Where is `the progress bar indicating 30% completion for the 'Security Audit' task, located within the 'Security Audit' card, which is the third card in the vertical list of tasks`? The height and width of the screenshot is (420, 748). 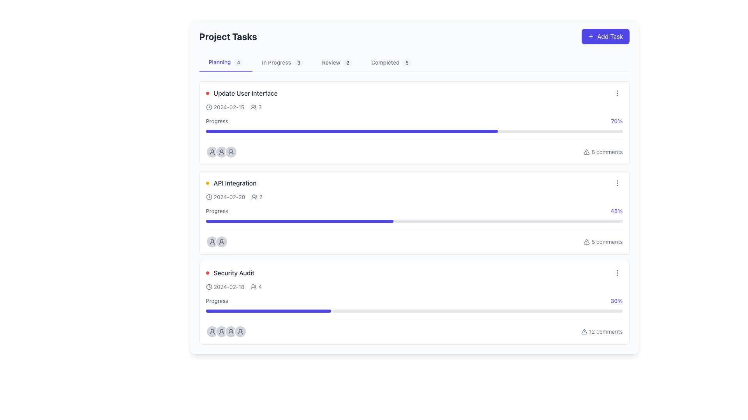
the progress bar indicating 30% completion for the 'Security Audit' task, located within the 'Security Audit' card, which is the third card in the vertical list of tasks is located at coordinates (414, 304).